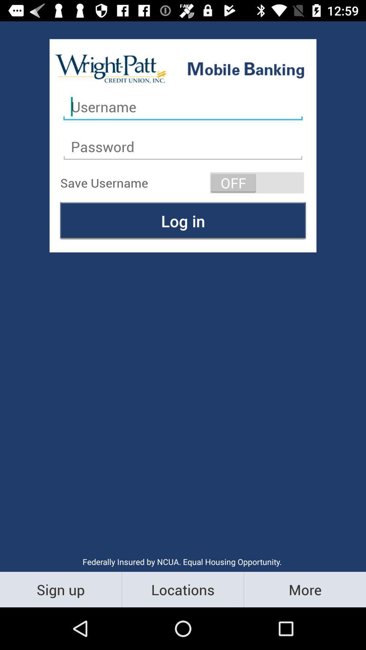 Image resolution: width=366 pixels, height=650 pixels. Describe the element at coordinates (183, 221) in the screenshot. I see `the item at the center` at that location.